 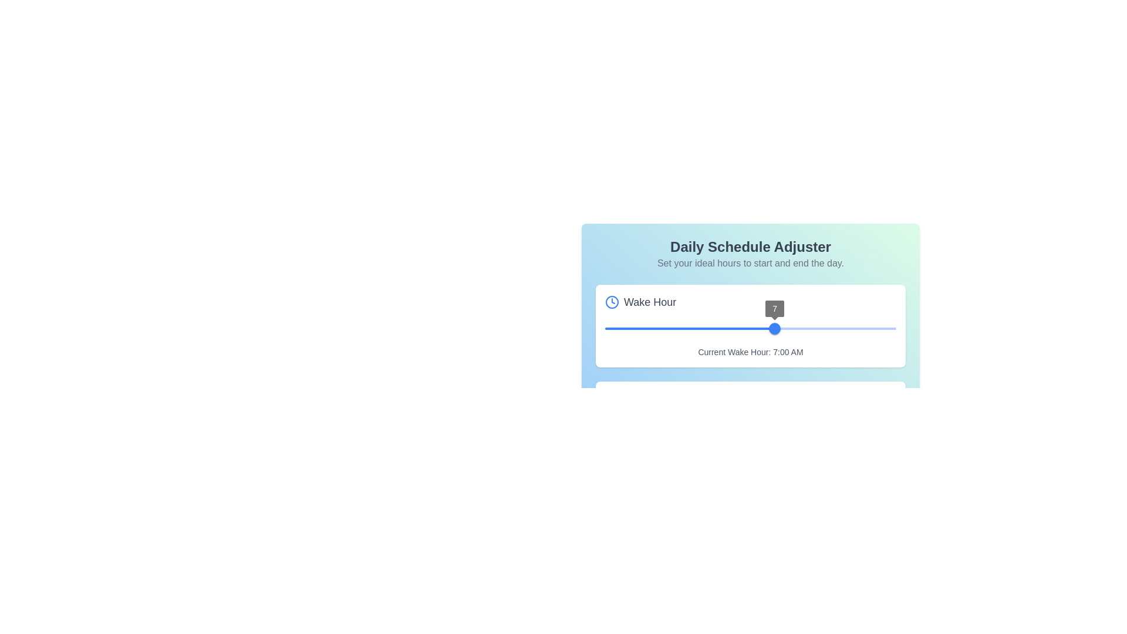 What do you see at coordinates (787, 328) in the screenshot?
I see `the wake hour` at bounding box center [787, 328].